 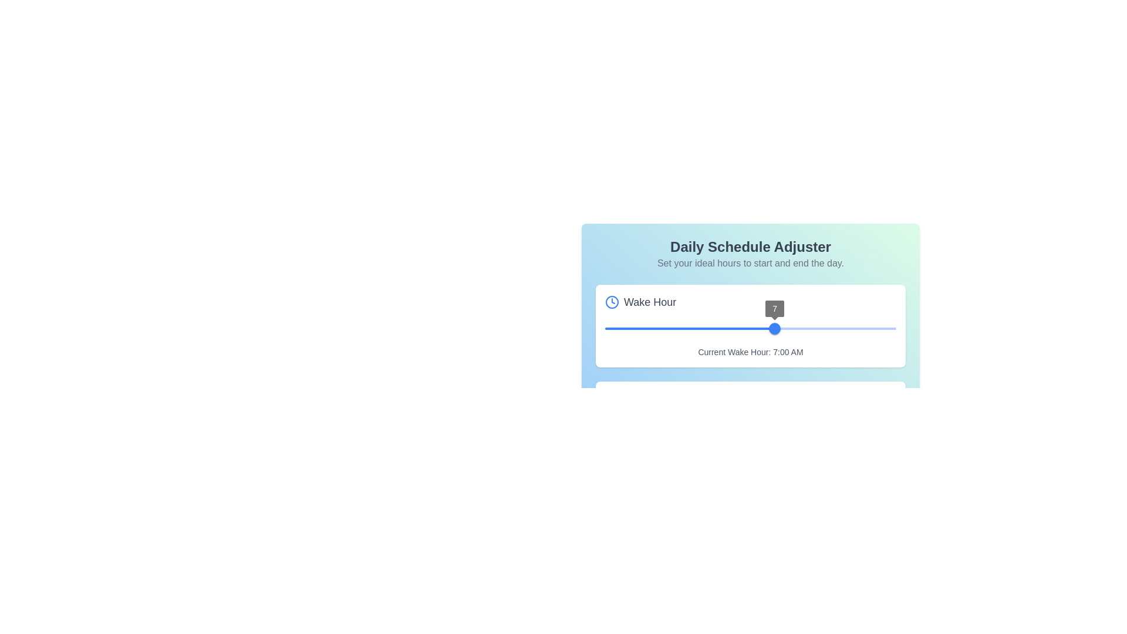 What do you see at coordinates (787, 328) in the screenshot?
I see `the wake hour` at bounding box center [787, 328].